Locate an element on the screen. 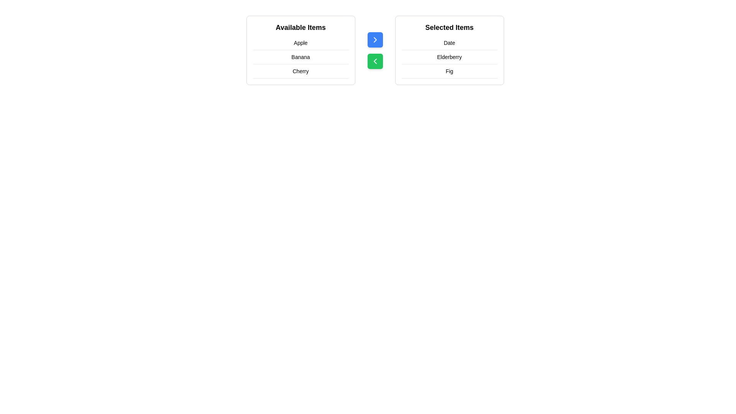  the left-pointing chevron icon within the small green square button is located at coordinates (375, 61).